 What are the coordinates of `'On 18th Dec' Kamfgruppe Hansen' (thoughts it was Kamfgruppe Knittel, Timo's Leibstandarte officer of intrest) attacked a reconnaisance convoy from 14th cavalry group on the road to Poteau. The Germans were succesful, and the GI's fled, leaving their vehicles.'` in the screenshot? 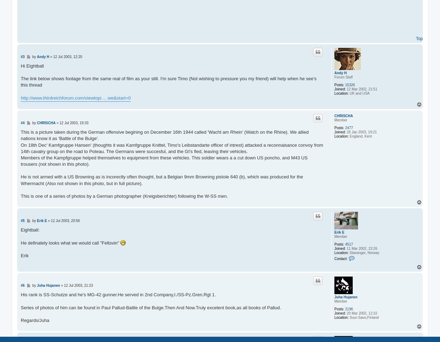 It's located at (171, 148).